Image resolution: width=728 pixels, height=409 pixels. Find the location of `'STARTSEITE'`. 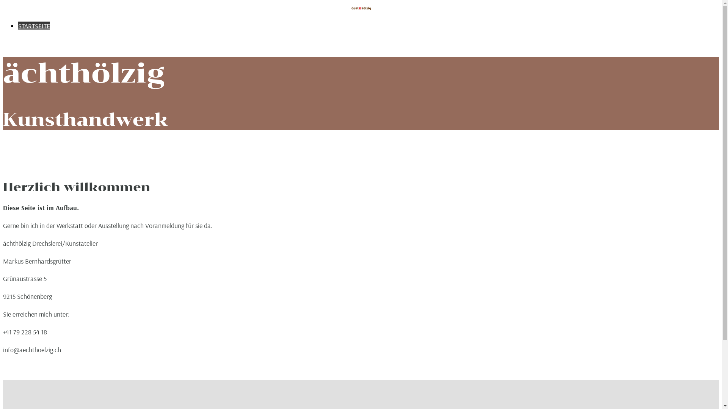

'STARTSEITE' is located at coordinates (34, 26).